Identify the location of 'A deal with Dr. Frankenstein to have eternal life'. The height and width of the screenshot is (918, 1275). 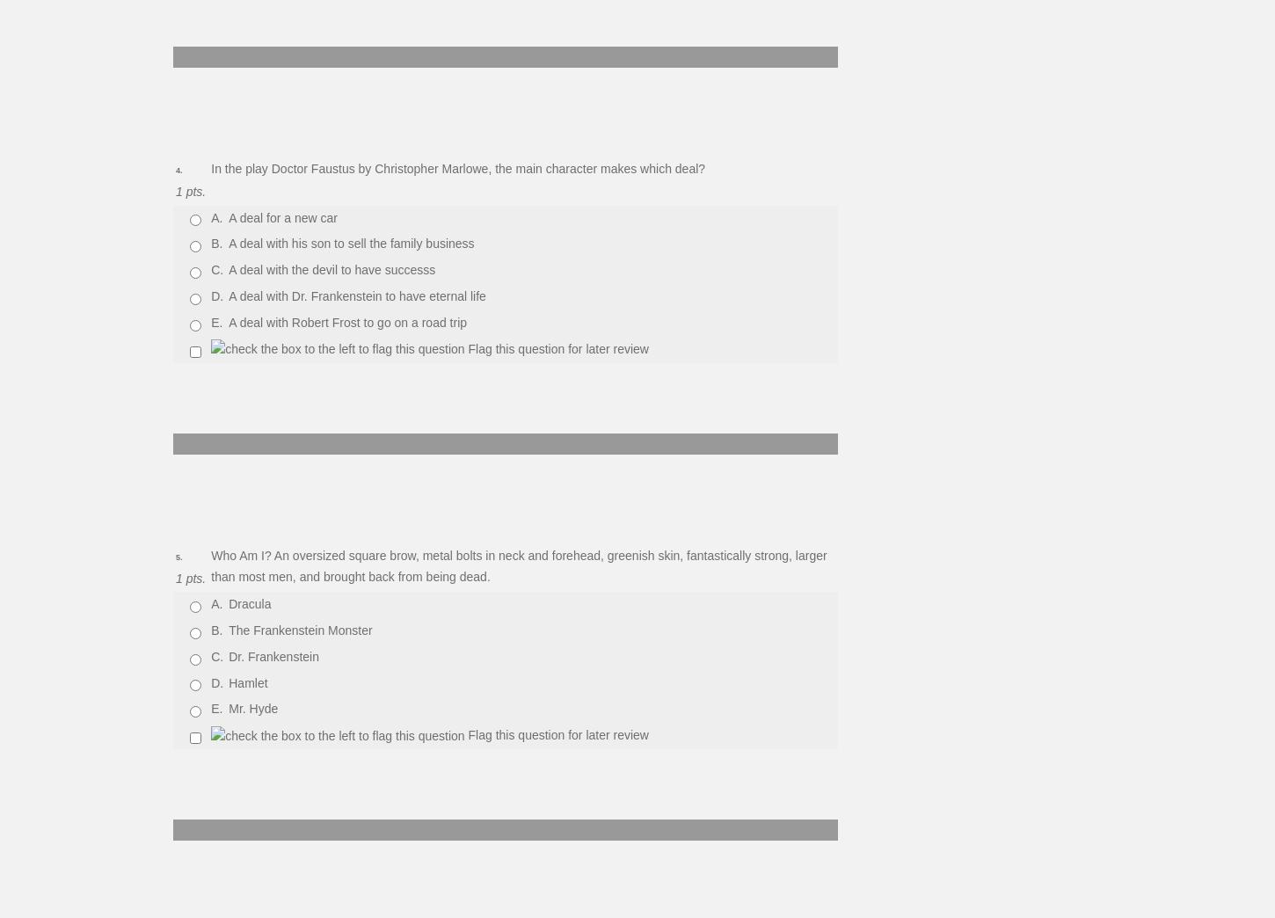
(356, 295).